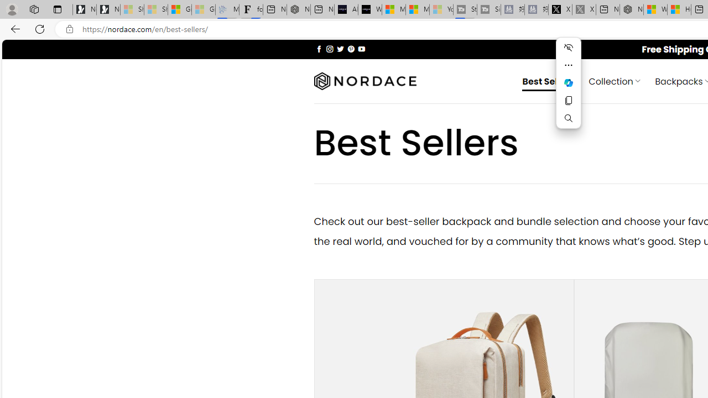 The height and width of the screenshot is (398, 708). What do you see at coordinates (584, 9) in the screenshot?
I see `'X - Sleeping'` at bounding box center [584, 9].